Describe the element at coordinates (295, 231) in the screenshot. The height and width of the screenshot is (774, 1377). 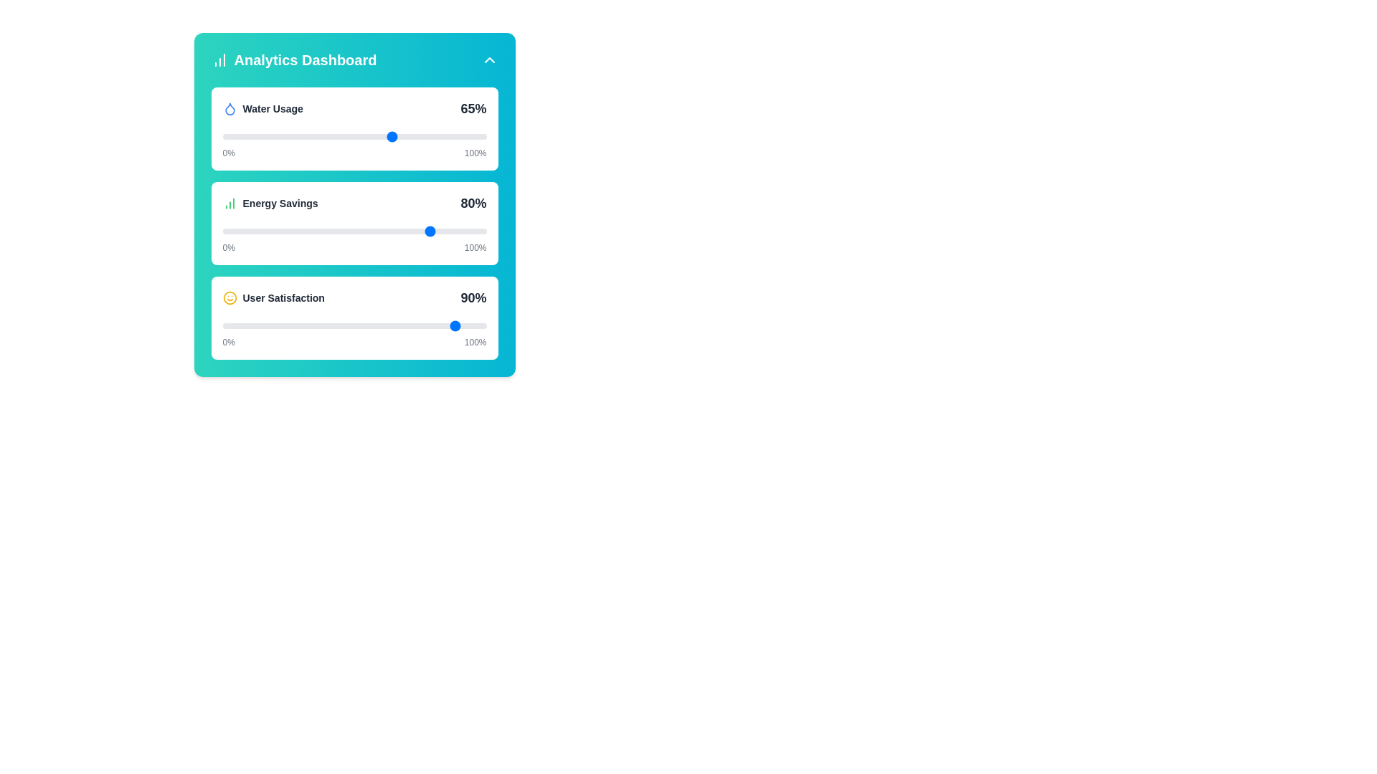
I see `energy savings` at that location.